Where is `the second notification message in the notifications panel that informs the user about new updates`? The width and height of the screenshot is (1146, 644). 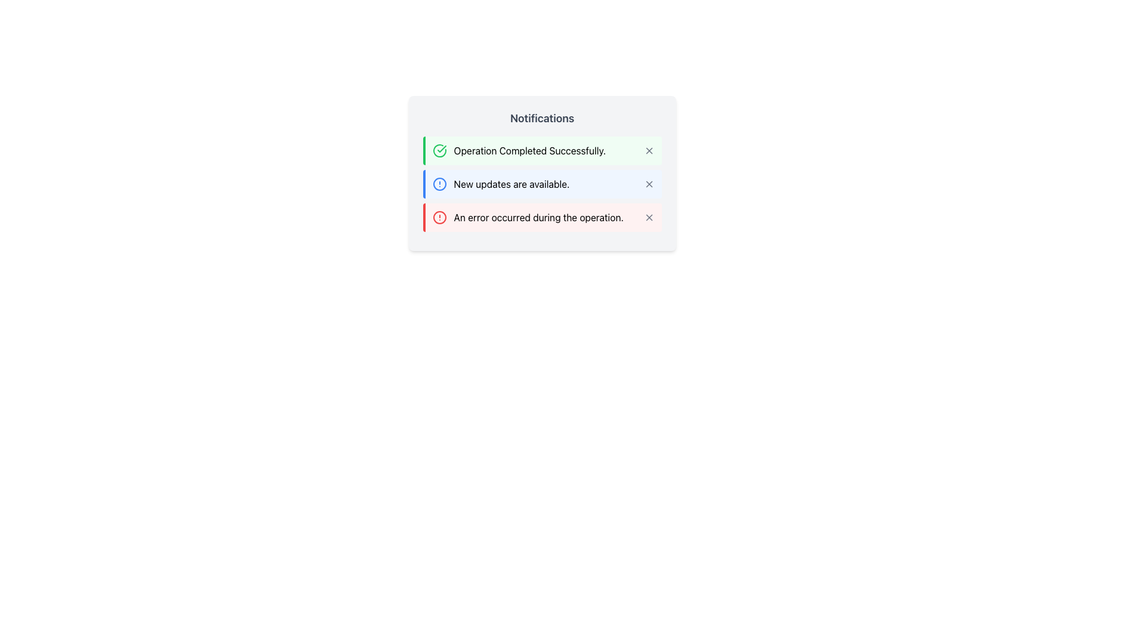
the second notification message in the notifications panel that informs the user about new updates is located at coordinates (512, 184).